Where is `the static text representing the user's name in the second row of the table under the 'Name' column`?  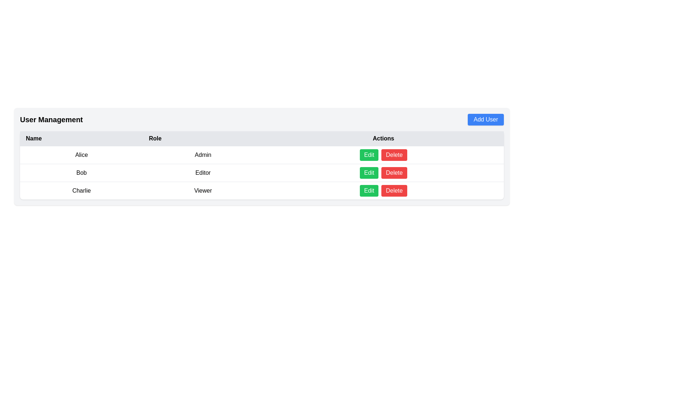
the static text representing the user's name in the second row of the table under the 'Name' column is located at coordinates (81, 173).